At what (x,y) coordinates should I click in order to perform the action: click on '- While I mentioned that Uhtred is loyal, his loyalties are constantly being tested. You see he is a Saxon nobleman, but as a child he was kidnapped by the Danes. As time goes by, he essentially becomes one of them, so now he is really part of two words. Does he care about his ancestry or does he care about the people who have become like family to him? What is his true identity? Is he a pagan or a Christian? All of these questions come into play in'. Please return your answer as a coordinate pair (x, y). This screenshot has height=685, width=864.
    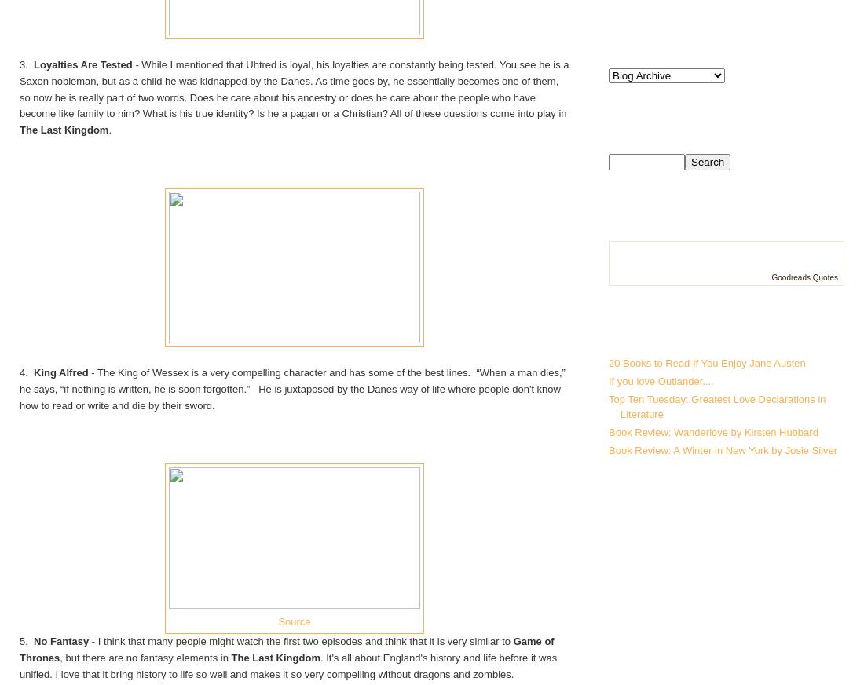
    Looking at the image, I should click on (294, 89).